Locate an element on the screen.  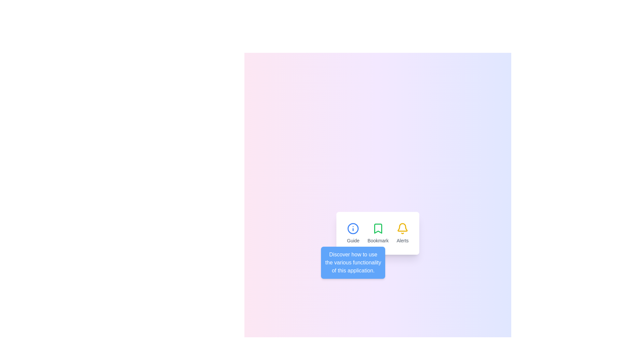
the yellow bell-shaped icon is located at coordinates (402, 228).